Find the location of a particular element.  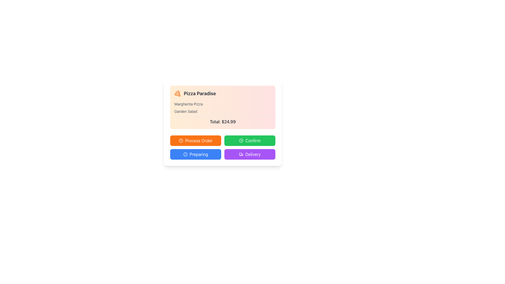

the confirmation button located beneath the 'Pizza Paradise' section is located at coordinates (253, 140).